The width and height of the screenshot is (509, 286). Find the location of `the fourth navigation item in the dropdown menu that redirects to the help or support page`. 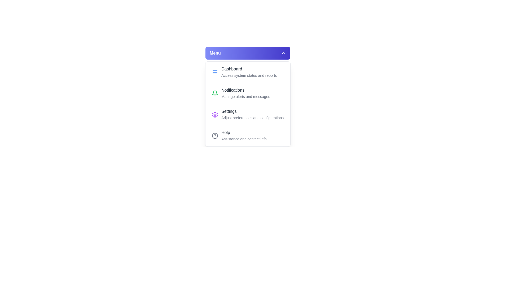

the fourth navigation item in the dropdown menu that redirects to the help or support page is located at coordinates (248, 136).